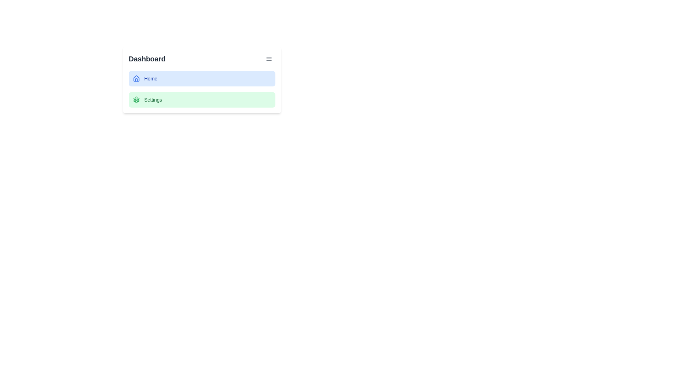 The image size is (677, 381). I want to click on the 'Home' icon located at the top-left corner of the dashboard's navigation menu, which aids users in navigating to the main page of the dashboard, so click(136, 78).